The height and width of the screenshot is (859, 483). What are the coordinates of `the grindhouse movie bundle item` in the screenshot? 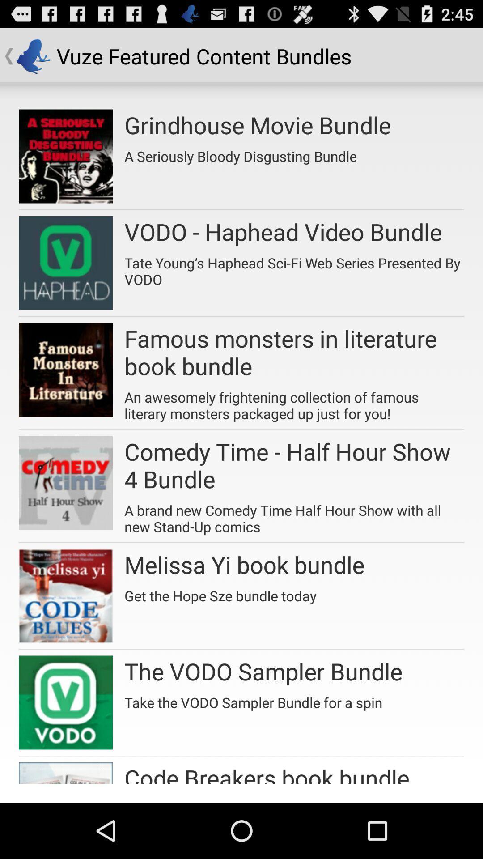 It's located at (258, 124).